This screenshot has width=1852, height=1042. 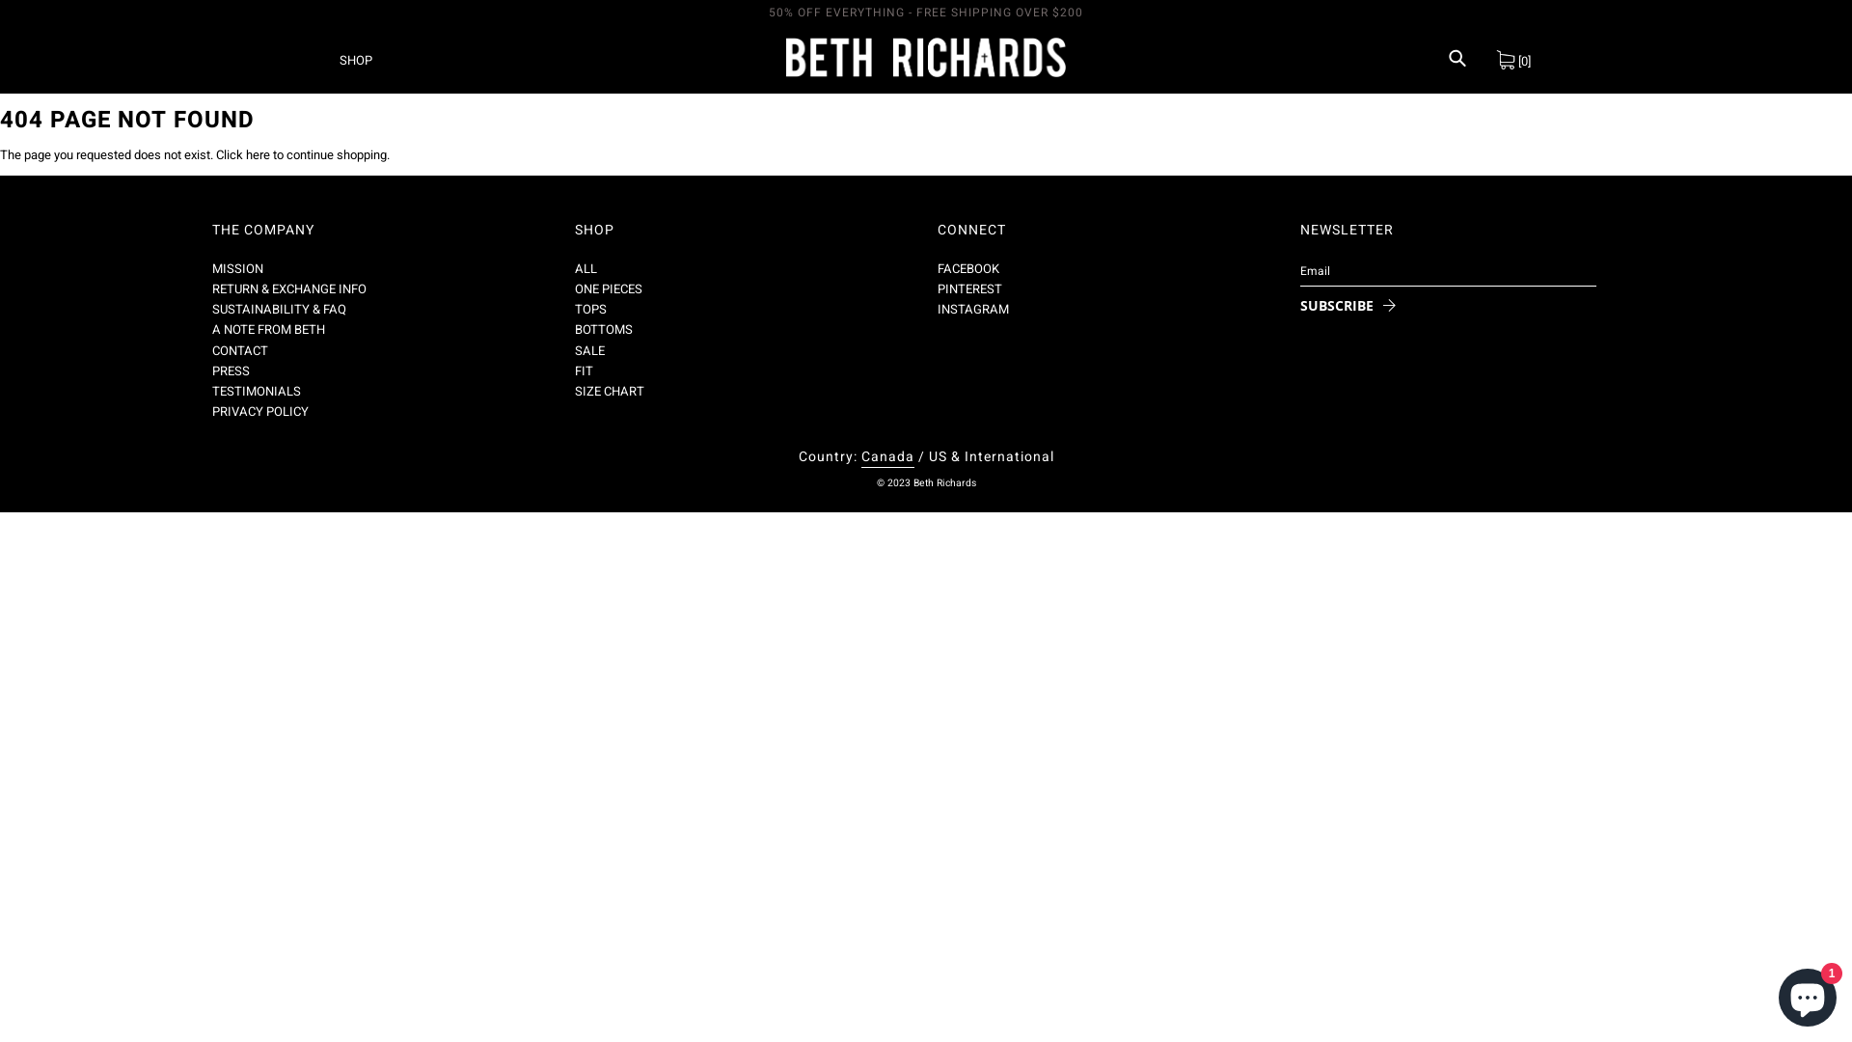 I want to click on 'RETURN & EXCHANGE INFO', so click(x=212, y=288).